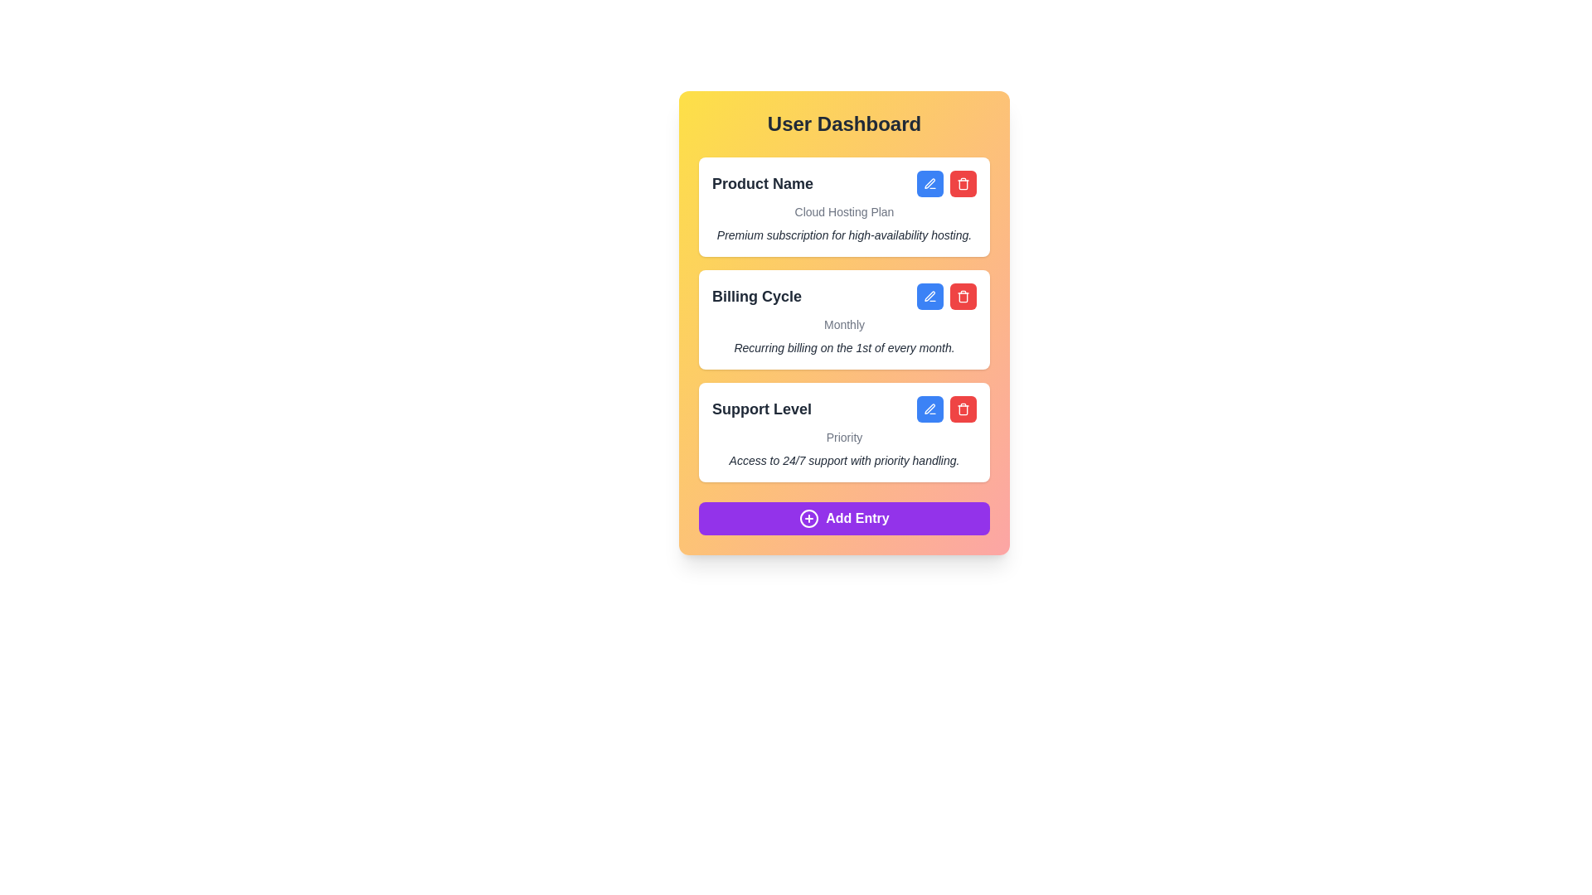 The width and height of the screenshot is (1592, 895). I want to click on the static text label displaying the word 'Monthly' in the 'Billing Cycle' section, so click(844, 325).